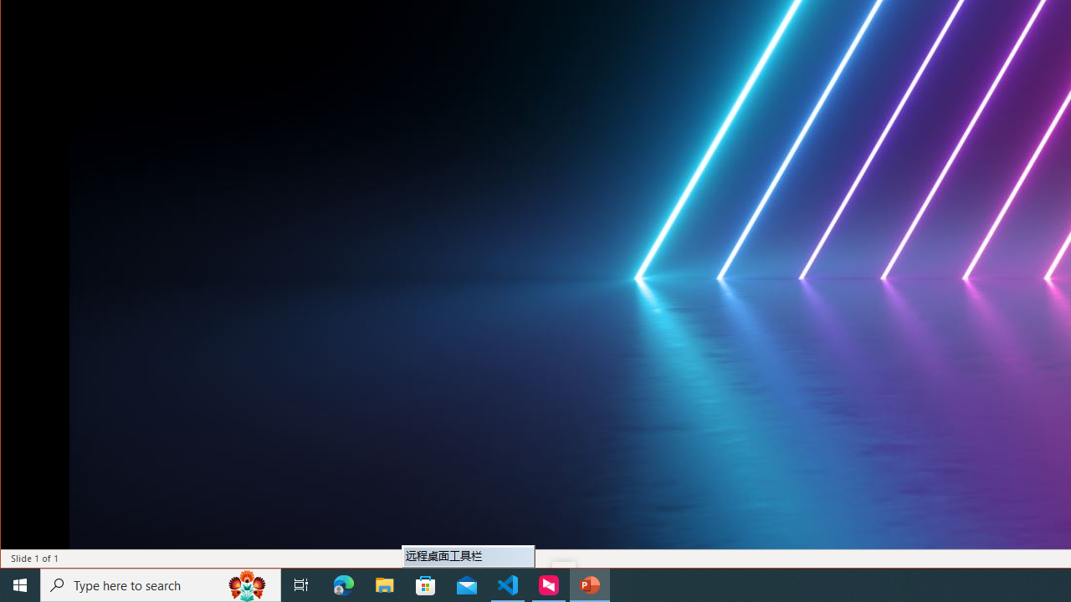 The height and width of the screenshot is (602, 1071). What do you see at coordinates (507, 584) in the screenshot?
I see `'Visual Studio Code - 1 running window'` at bounding box center [507, 584].